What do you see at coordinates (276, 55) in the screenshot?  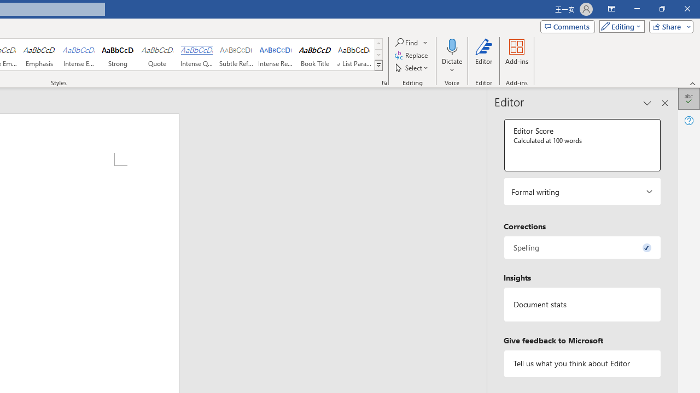 I see `'Intense Reference'` at bounding box center [276, 55].